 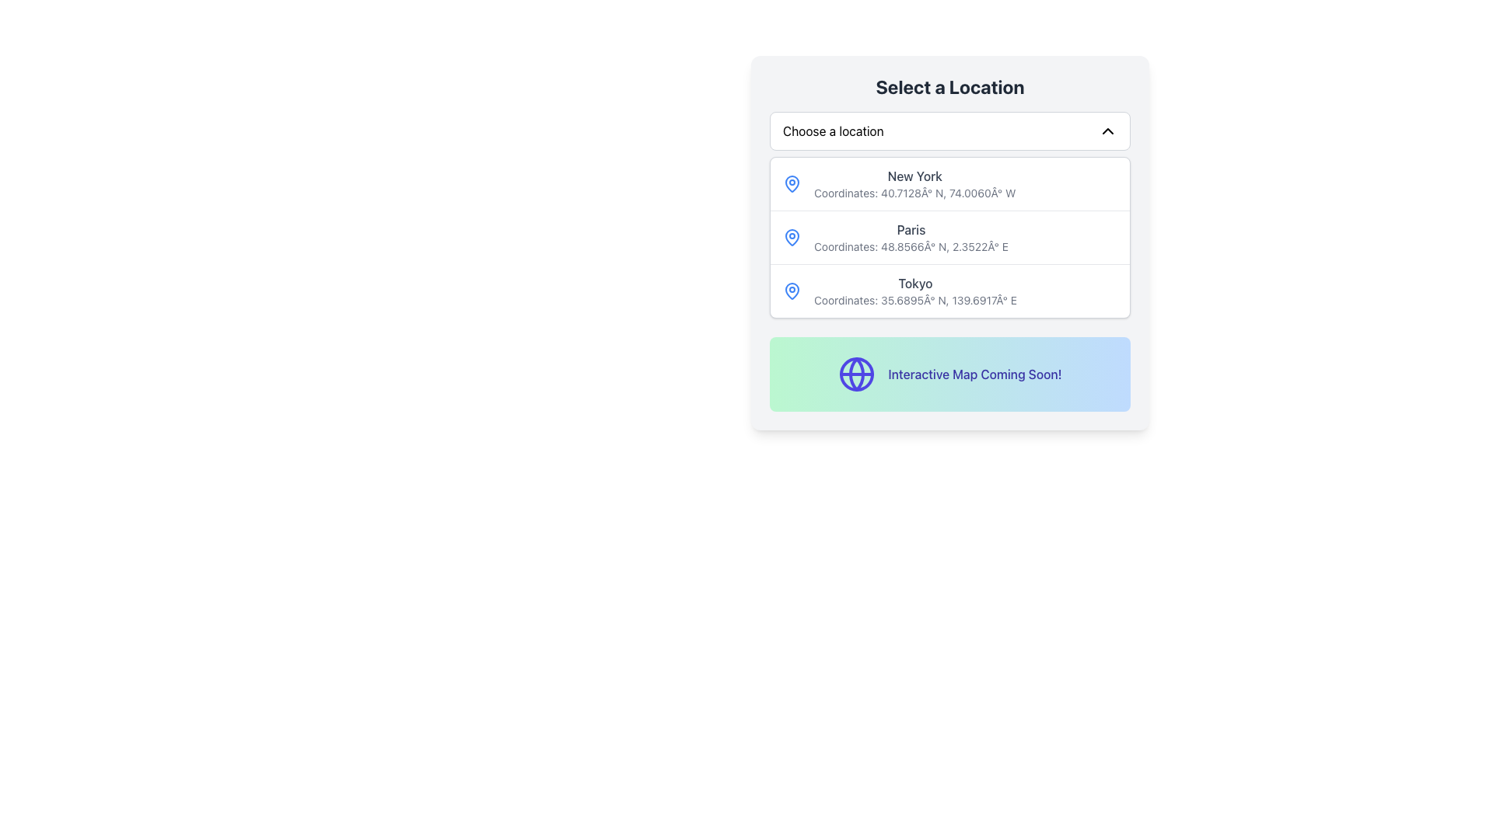 I want to click on the 'New York' text label, which serves as an identifier for location selection in the upper-central section of the location list, so click(x=914, y=176).